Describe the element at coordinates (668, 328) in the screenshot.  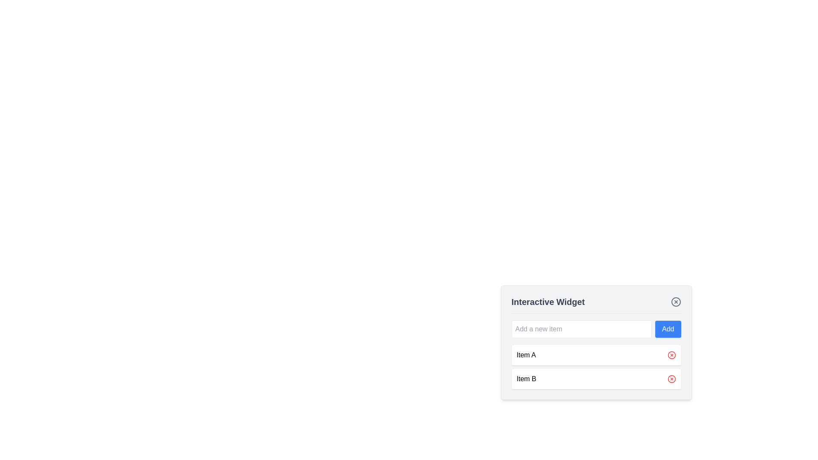
I see `the blue button labeled 'Add' to change its appearance to a darker blue` at that location.